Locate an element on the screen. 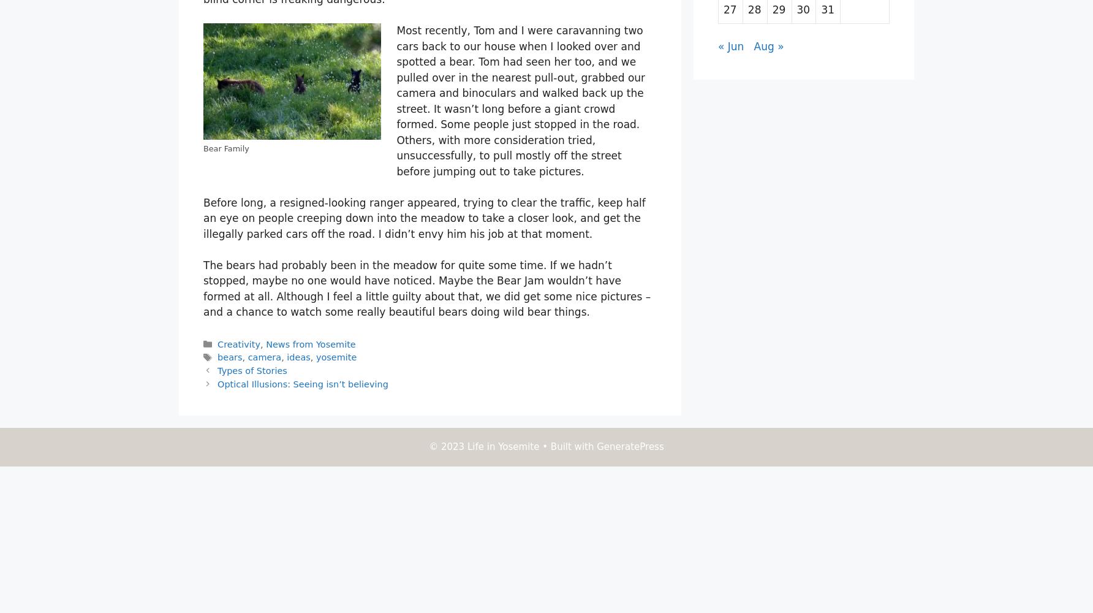 This screenshot has width=1093, height=613. 'News from Yosemite' is located at coordinates (311, 344).